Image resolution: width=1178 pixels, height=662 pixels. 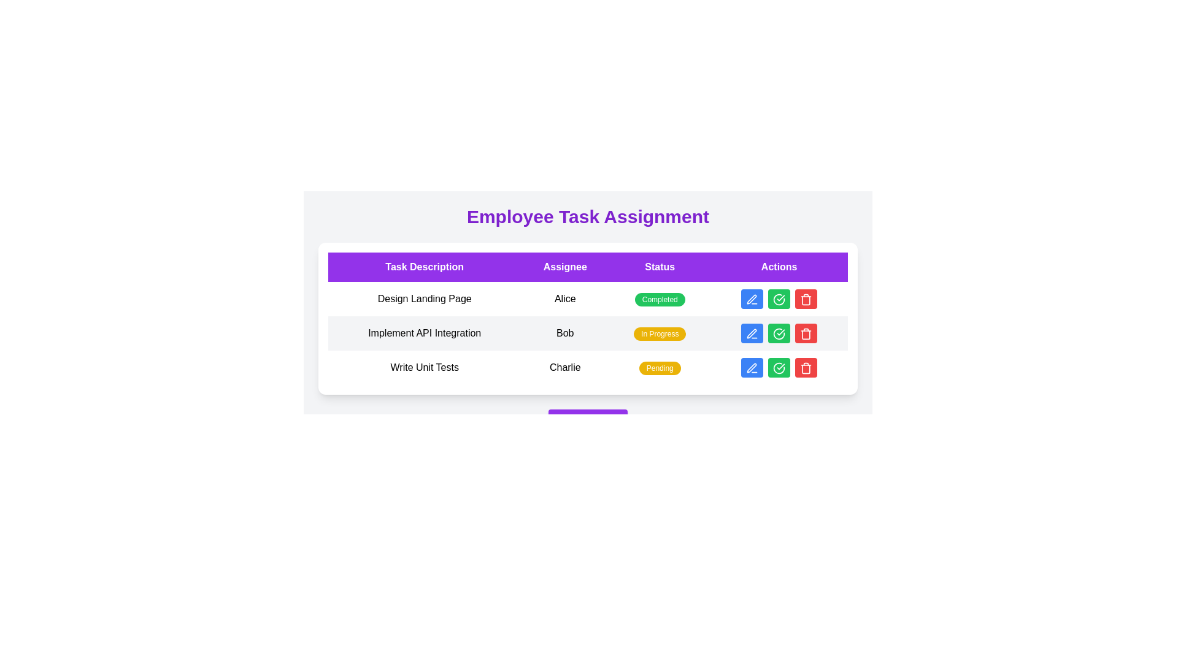 What do you see at coordinates (779, 367) in the screenshot?
I see `the green button with a circular check icon in the 'Charlie' row of the table` at bounding box center [779, 367].